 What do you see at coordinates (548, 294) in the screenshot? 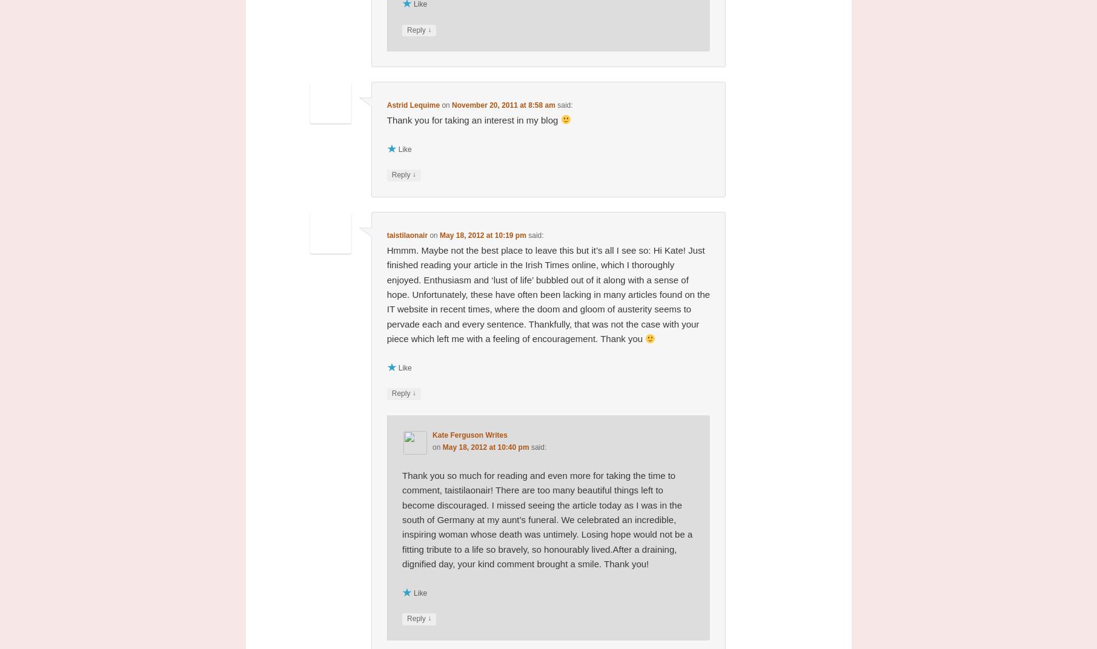
I see `'Hmmm. Maybe not the best place to leave this but it’s all I see so: Hi Kate! Just finished reading your article in the Irish Times online, which I thoroughly enjoyed. Enthusiasm and ‘lust of life’ bubbled out of it along with a sense of hope. Unfortunately, these have often been lacking in many articles found on the IT website in recent times, where the doom and gloom of austerity seems to pervade each and every sentence. Thankfully, that was not the case with your piece which left me with a feeling of encouragement. Thank you'` at bounding box center [548, 294].